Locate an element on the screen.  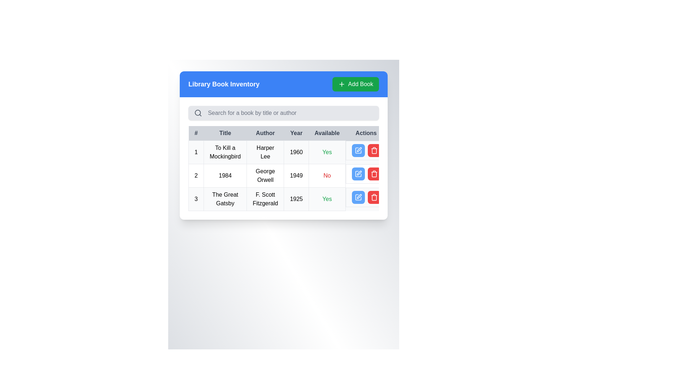
the circular element of the search icon, which is part of the search functionality adjacent to the search input box in the 'Library Book Inventory' interface is located at coordinates (198, 113).